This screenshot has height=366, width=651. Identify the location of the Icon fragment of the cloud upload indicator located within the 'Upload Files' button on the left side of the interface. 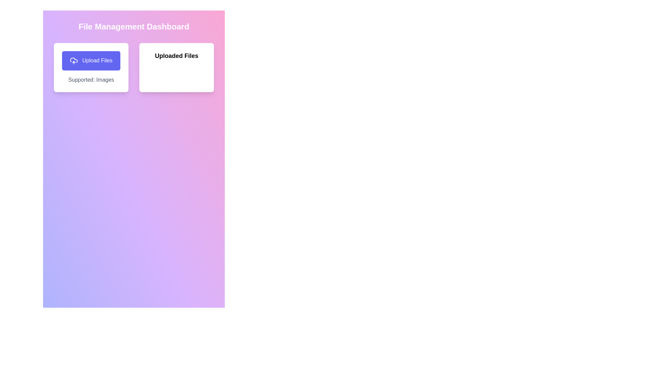
(74, 60).